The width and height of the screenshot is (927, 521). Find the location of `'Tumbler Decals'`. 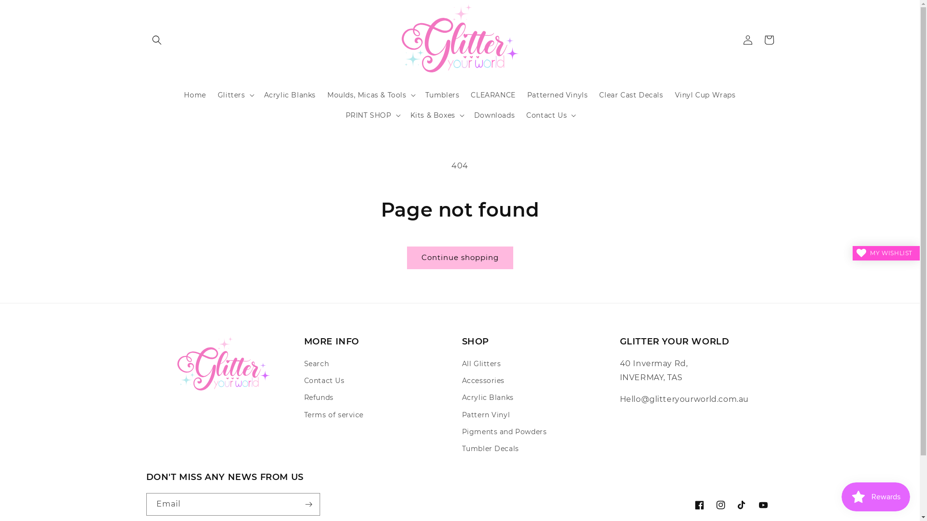

'Tumbler Decals' is located at coordinates (490, 449).